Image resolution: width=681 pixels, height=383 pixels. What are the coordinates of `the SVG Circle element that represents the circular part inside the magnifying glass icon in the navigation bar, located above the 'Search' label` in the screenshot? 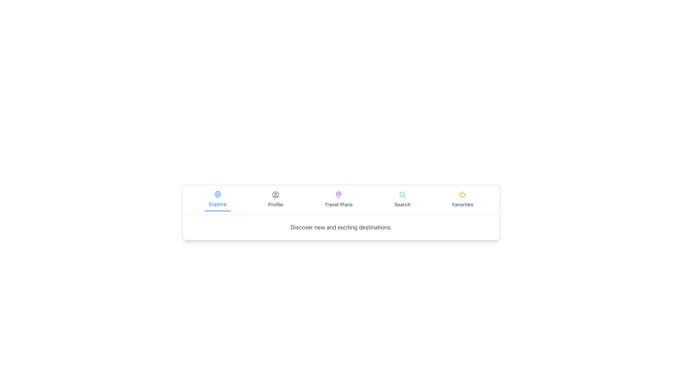 It's located at (402, 194).